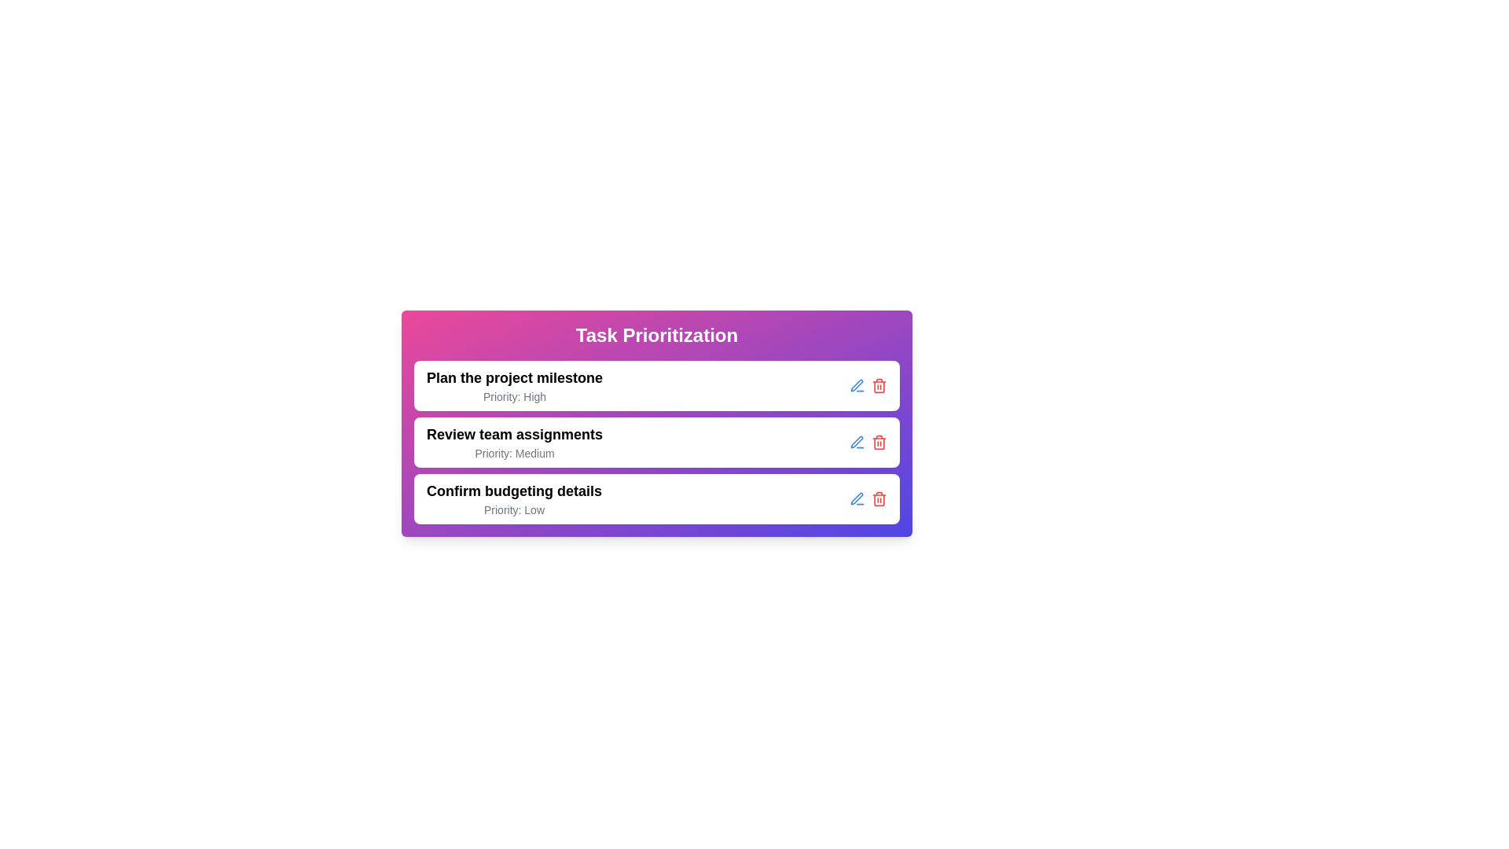 The height and width of the screenshot is (849, 1509). What do you see at coordinates (856, 443) in the screenshot?
I see `the edit button styled as an icon located in the second row of the task prioritization list, positioned to the right of the task description and before the red trash can icon` at bounding box center [856, 443].